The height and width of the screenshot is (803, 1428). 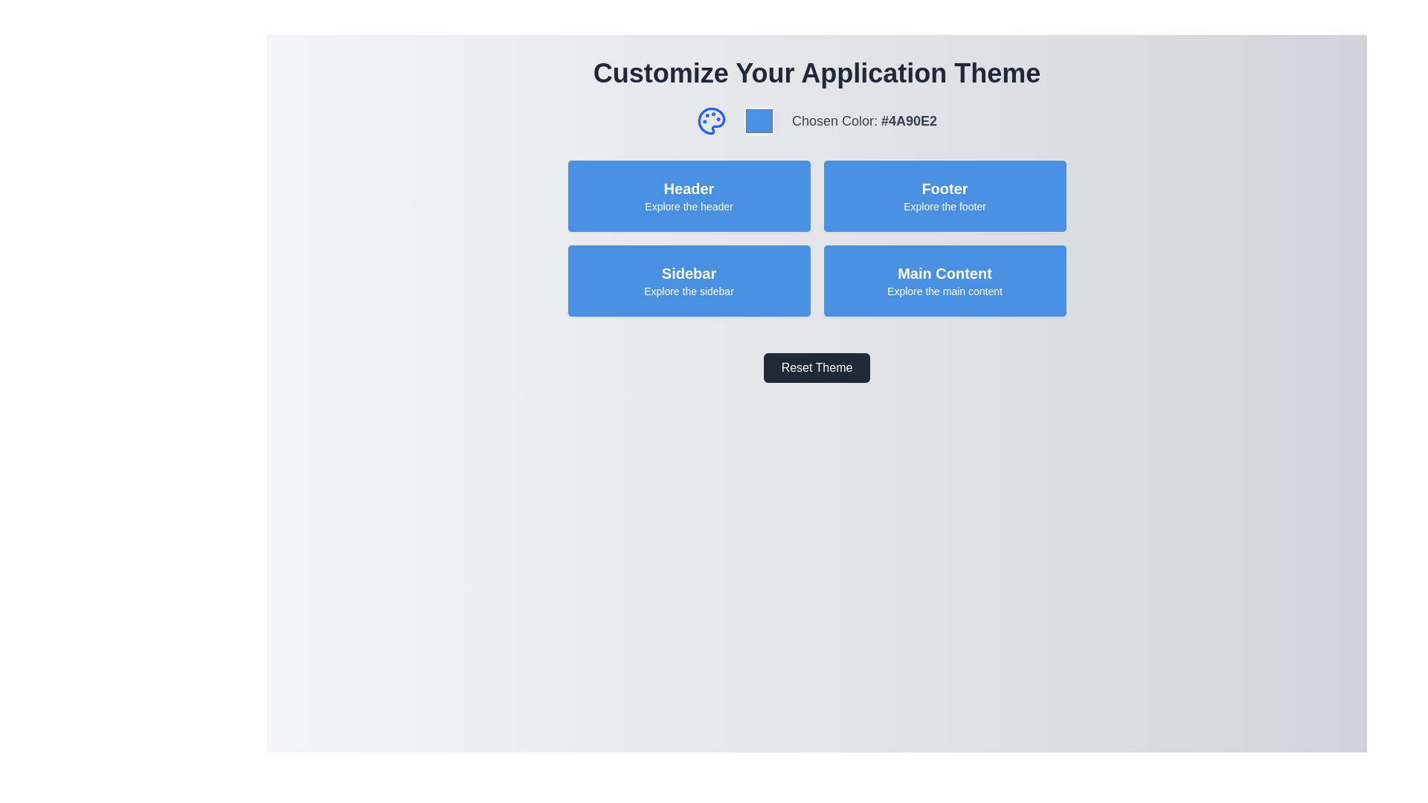 I want to click on the Text Display Label that shows the hexadecimal color code, located to the right of the label 'Chosen Color:' in the top-right area of the interface, so click(x=908, y=120).